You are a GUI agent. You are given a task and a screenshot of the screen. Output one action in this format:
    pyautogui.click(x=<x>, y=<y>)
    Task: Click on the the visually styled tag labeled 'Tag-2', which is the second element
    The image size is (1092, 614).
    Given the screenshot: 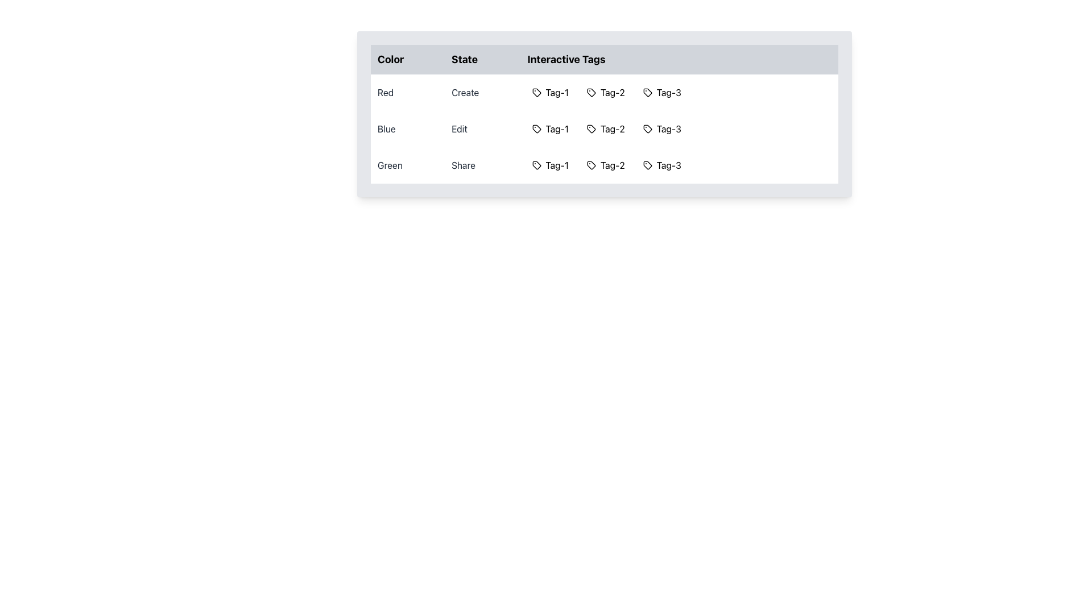 What is the action you would take?
    pyautogui.click(x=605, y=92)
    